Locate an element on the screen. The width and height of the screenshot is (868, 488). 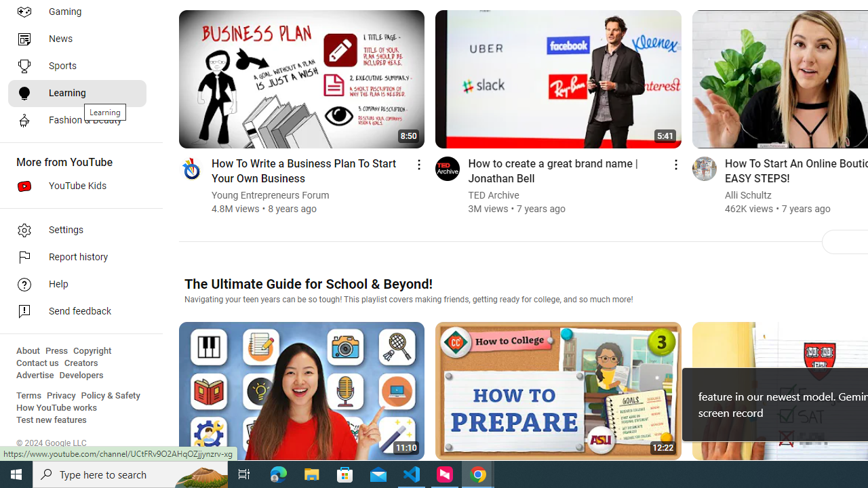
'Young Entrepreneurs Forum' is located at coordinates (271, 195).